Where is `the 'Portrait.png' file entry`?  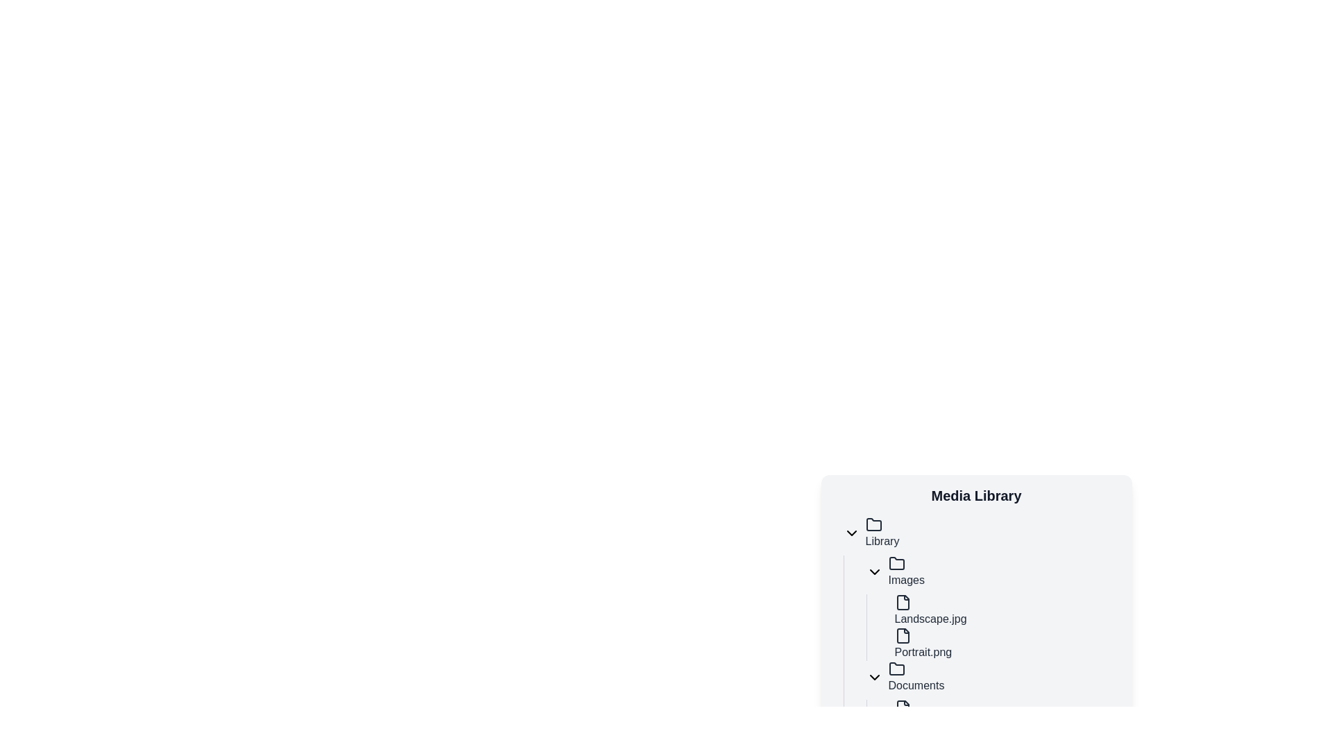
the 'Portrait.png' file entry is located at coordinates (999, 644).